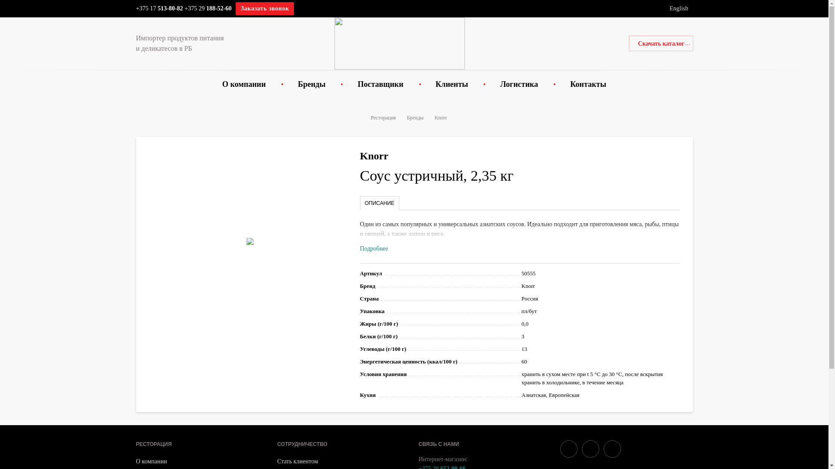  What do you see at coordinates (207, 8) in the screenshot?
I see `'+375 29 188-52-60'` at bounding box center [207, 8].